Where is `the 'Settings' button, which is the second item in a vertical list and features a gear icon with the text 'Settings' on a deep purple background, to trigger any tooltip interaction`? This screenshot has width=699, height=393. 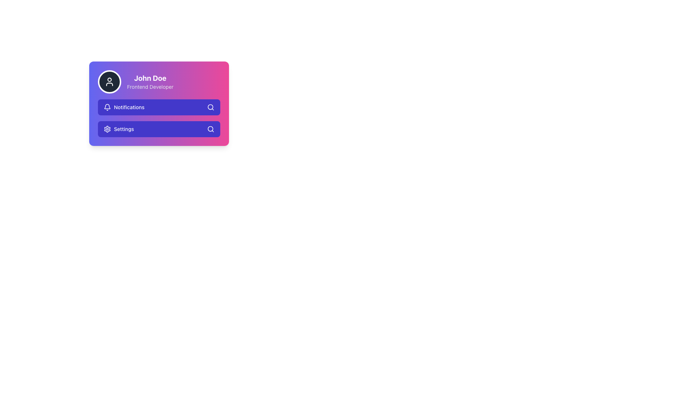 the 'Settings' button, which is the second item in a vertical list and features a gear icon with the text 'Settings' on a deep purple background, to trigger any tooltip interaction is located at coordinates (119, 128).